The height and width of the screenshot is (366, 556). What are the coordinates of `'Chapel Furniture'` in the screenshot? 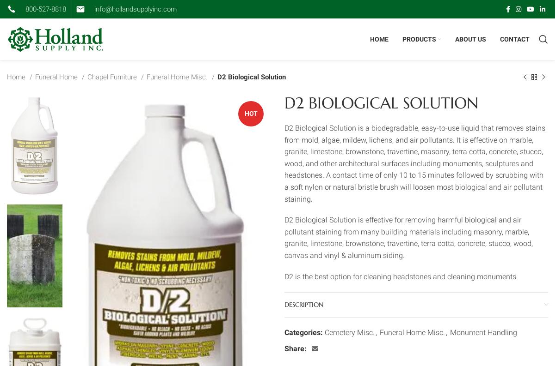 It's located at (113, 77).